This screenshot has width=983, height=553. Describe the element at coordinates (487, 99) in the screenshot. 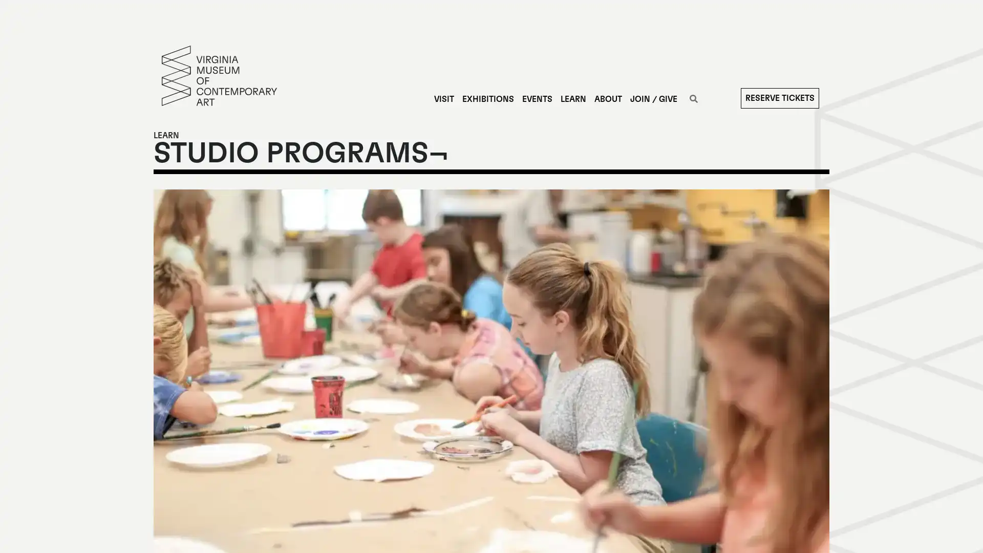

I see `EXHIBITIONS` at that location.